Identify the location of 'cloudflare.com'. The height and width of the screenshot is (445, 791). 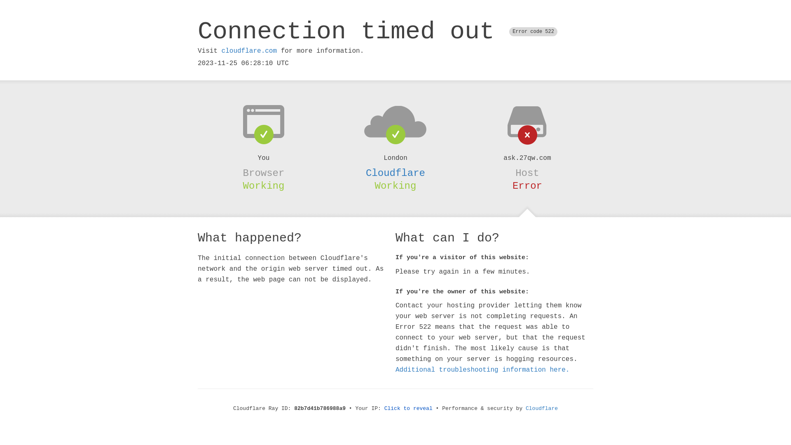
(248, 51).